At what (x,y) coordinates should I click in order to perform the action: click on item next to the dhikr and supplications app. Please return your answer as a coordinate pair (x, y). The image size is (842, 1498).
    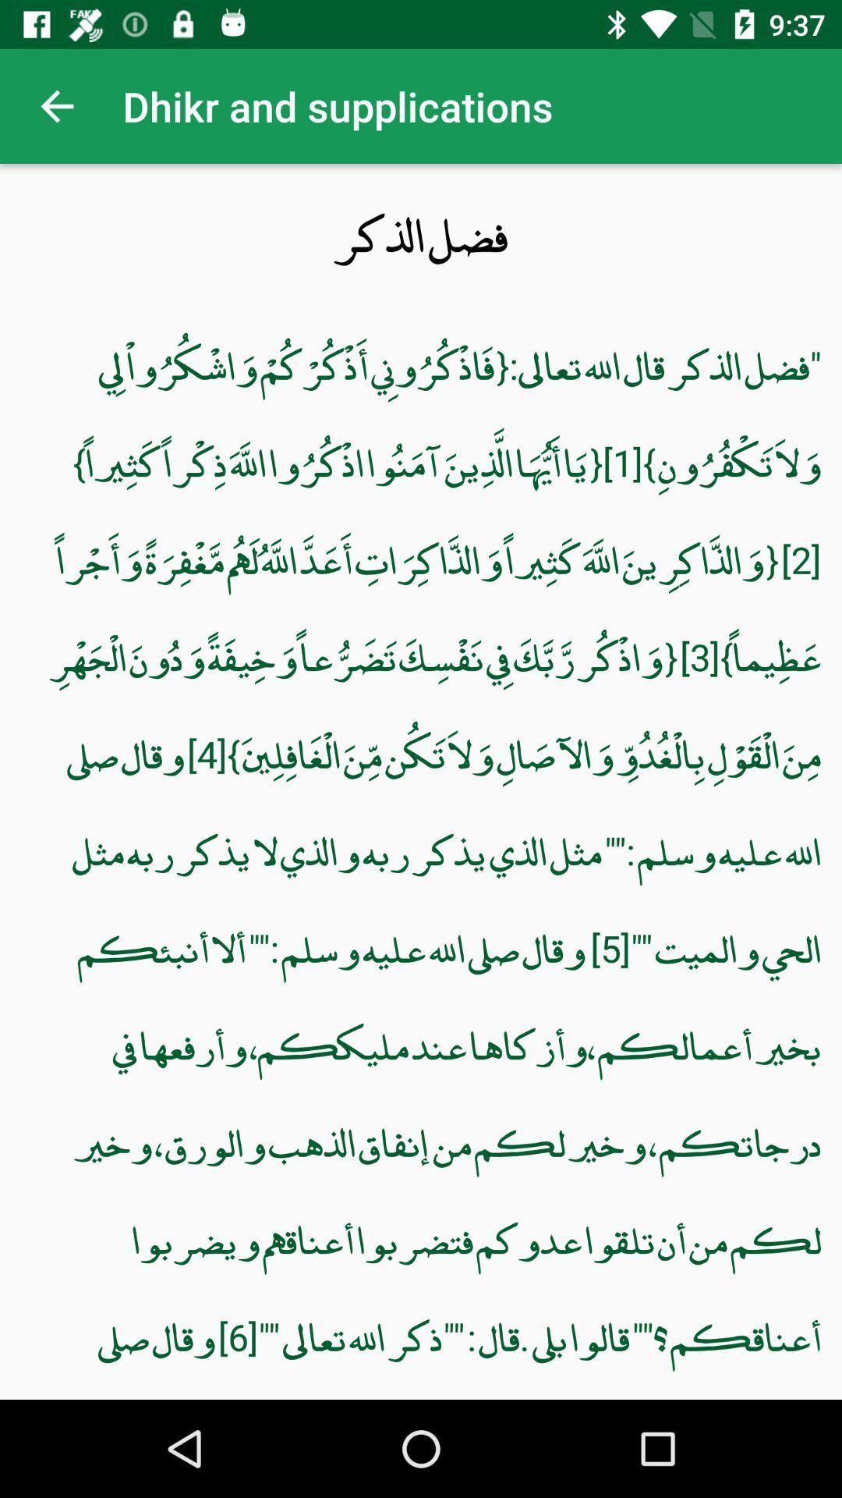
    Looking at the image, I should click on (56, 105).